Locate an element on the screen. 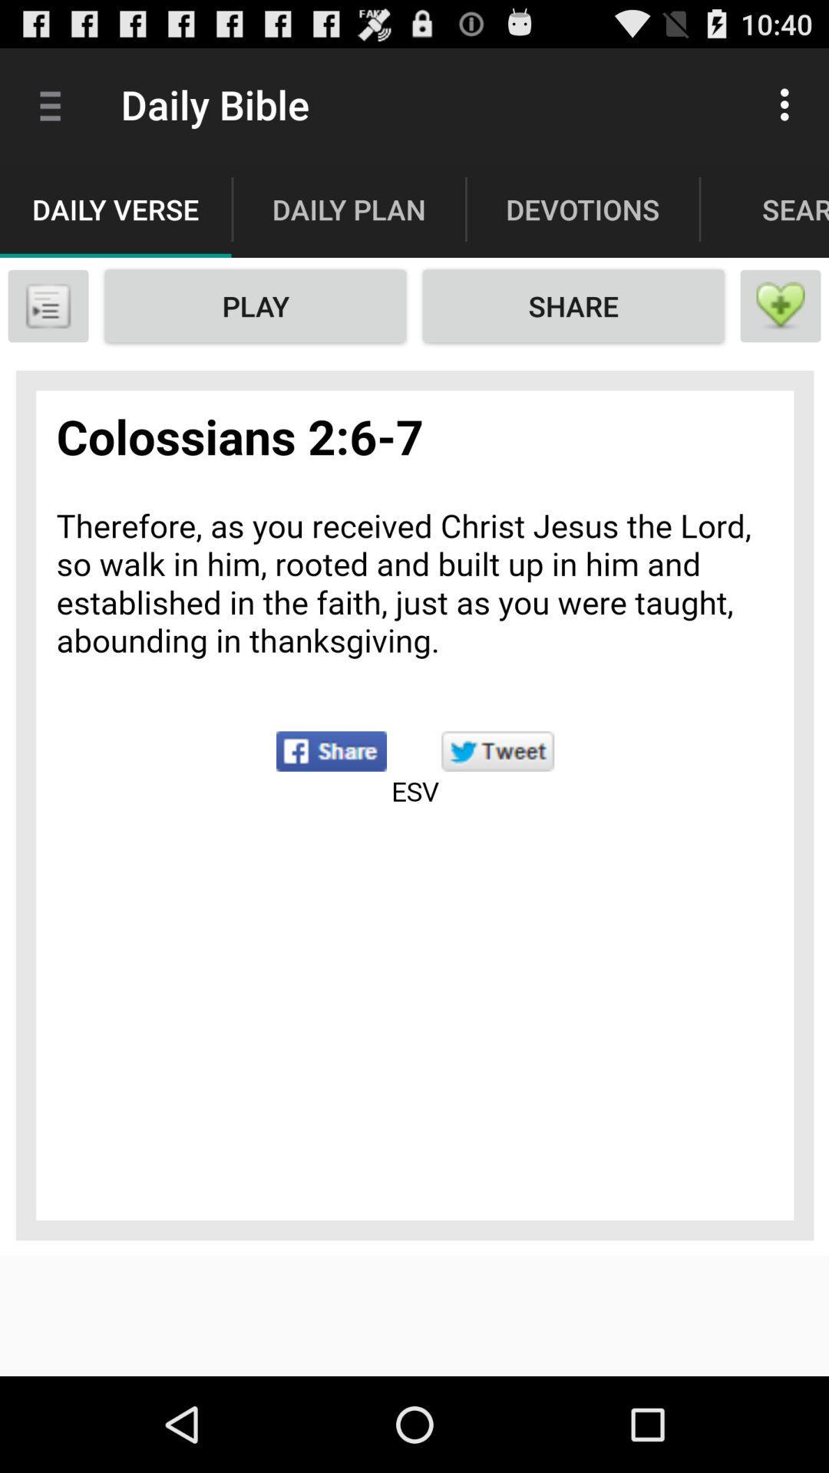 The height and width of the screenshot is (1473, 829). the button which is next to the play is located at coordinates (573, 305).